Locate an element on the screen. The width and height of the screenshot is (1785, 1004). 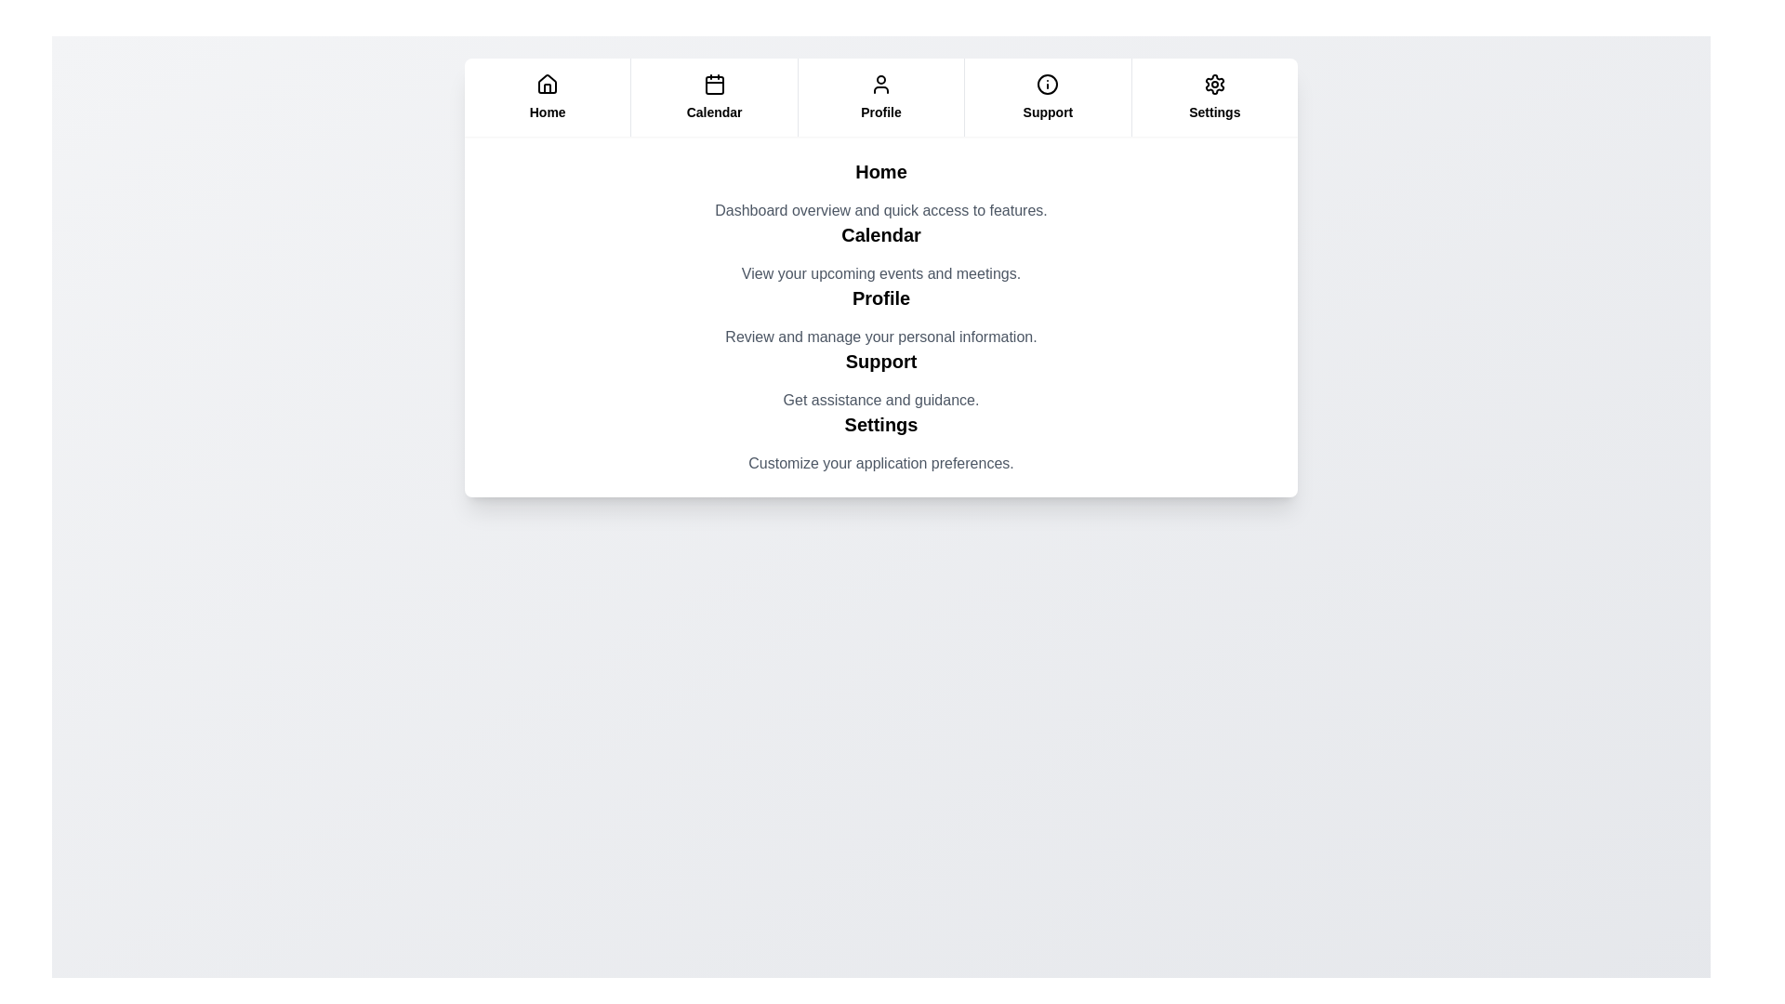
the header text label for the 'Calendar' section, which is centrally positioned above the content describing upcoming events and meetings is located at coordinates (880, 234).